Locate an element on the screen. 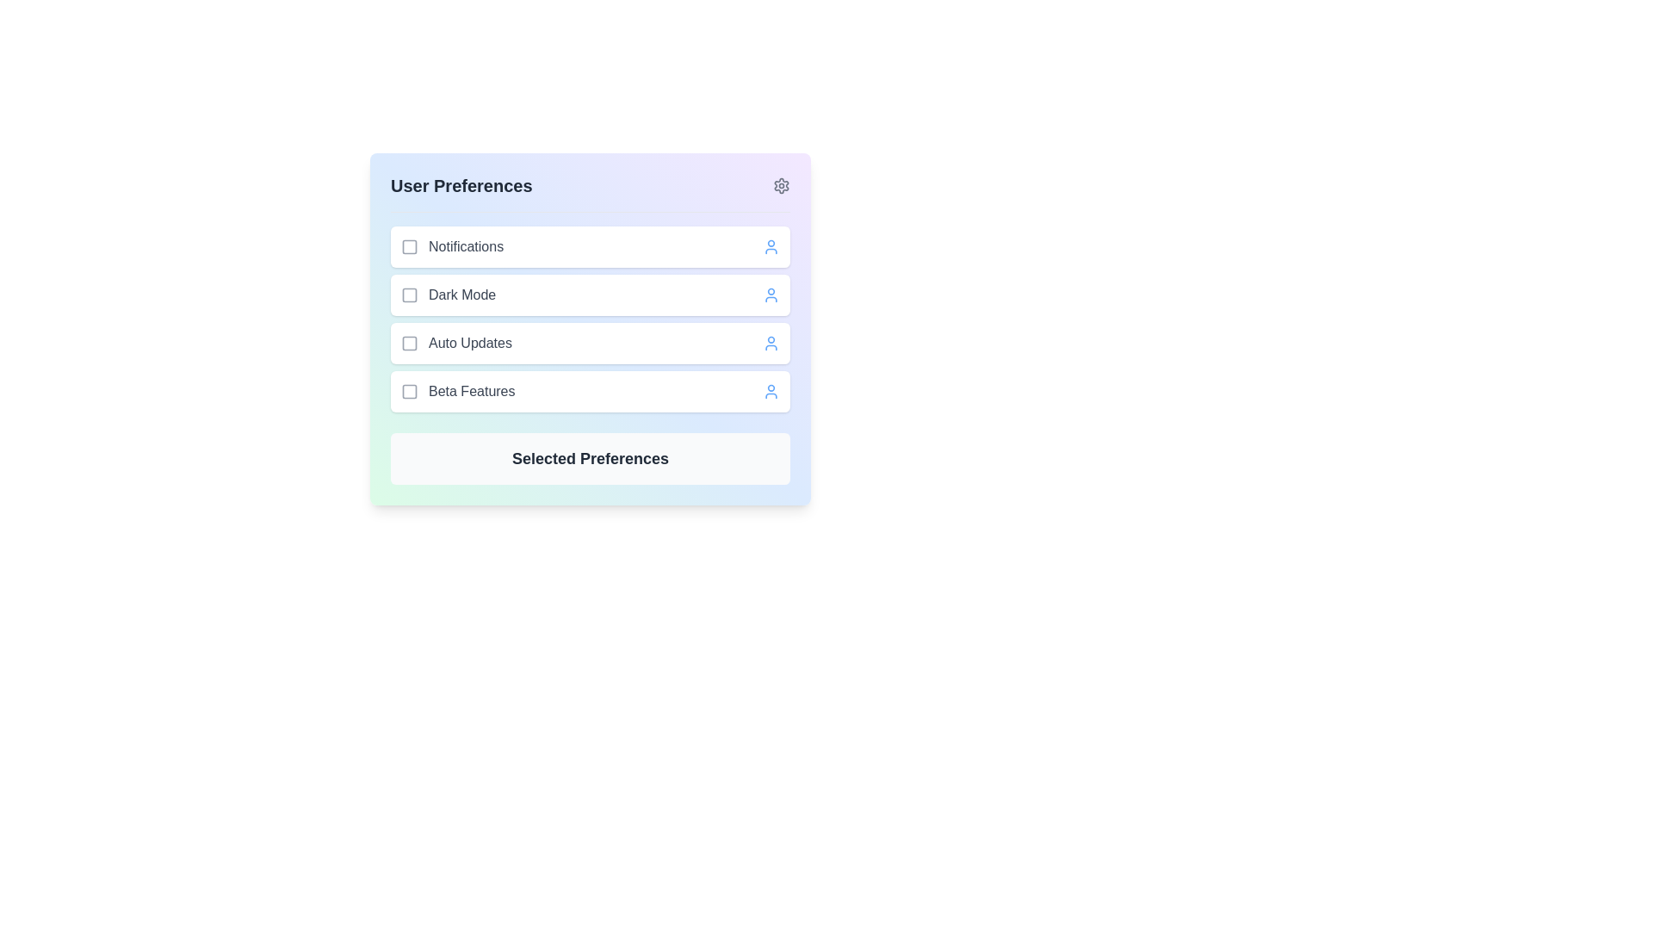 The width and height of the screenshot is (1653, 930). the icon representing actions related to 'Beta Features', positioned to the far right of the 'Beta Features' label in the user preferences list is located at coordinates (771, 392).